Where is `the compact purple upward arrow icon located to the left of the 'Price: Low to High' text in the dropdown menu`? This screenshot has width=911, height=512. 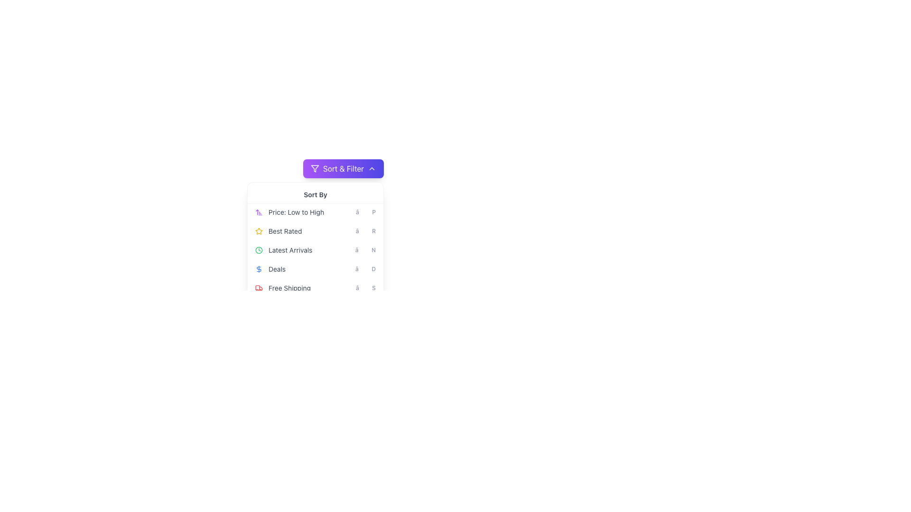
the compact purple upward arrow icon located to the left of the 'Price: Low to High' text in the dropdown menu is located at coordinates (259, 211).